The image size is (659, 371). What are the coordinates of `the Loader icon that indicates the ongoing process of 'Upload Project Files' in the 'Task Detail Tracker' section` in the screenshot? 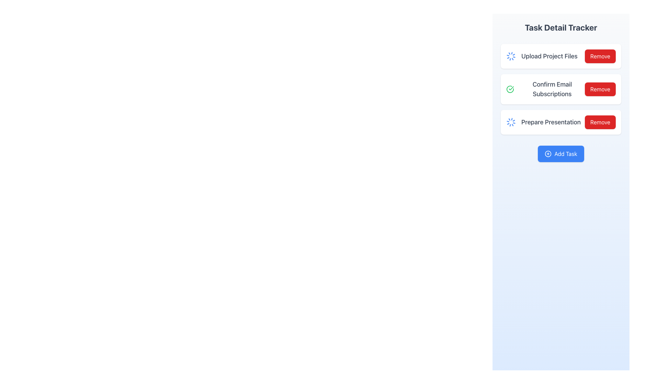 It's located at (511, 56).